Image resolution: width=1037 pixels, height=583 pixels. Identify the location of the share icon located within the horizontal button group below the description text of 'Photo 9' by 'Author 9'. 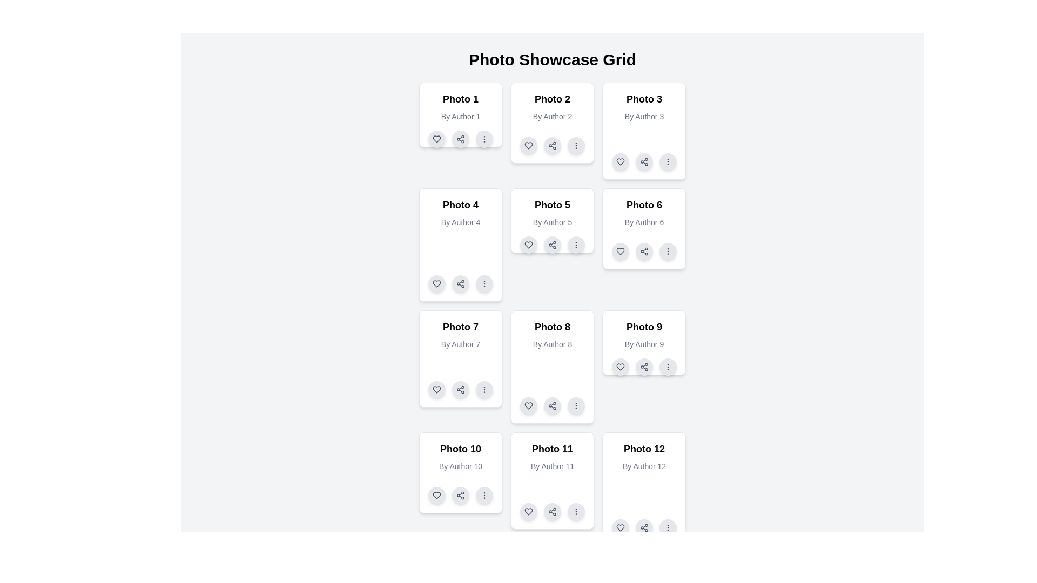
(644, 366).